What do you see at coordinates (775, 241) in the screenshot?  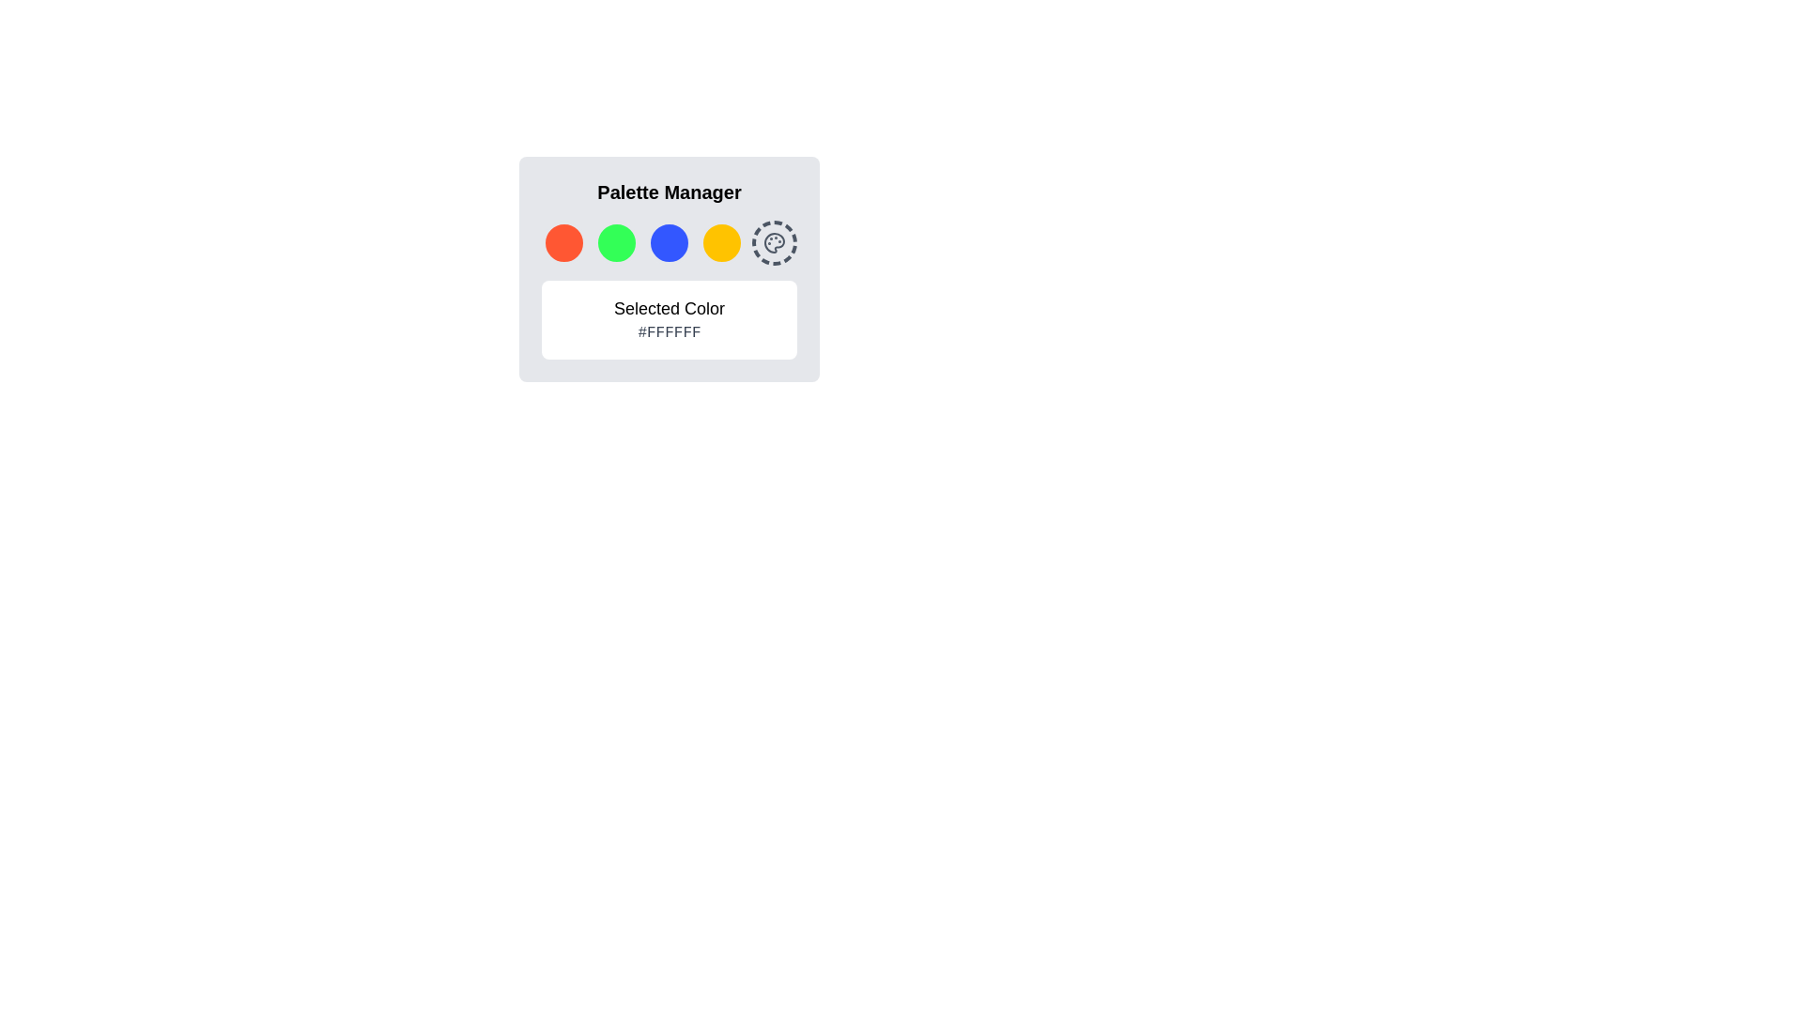 I see `the circular button with a gray palette icon, which is the last button in a sequence of five buttons in the palette management tool` at bounding box center [775, 241].